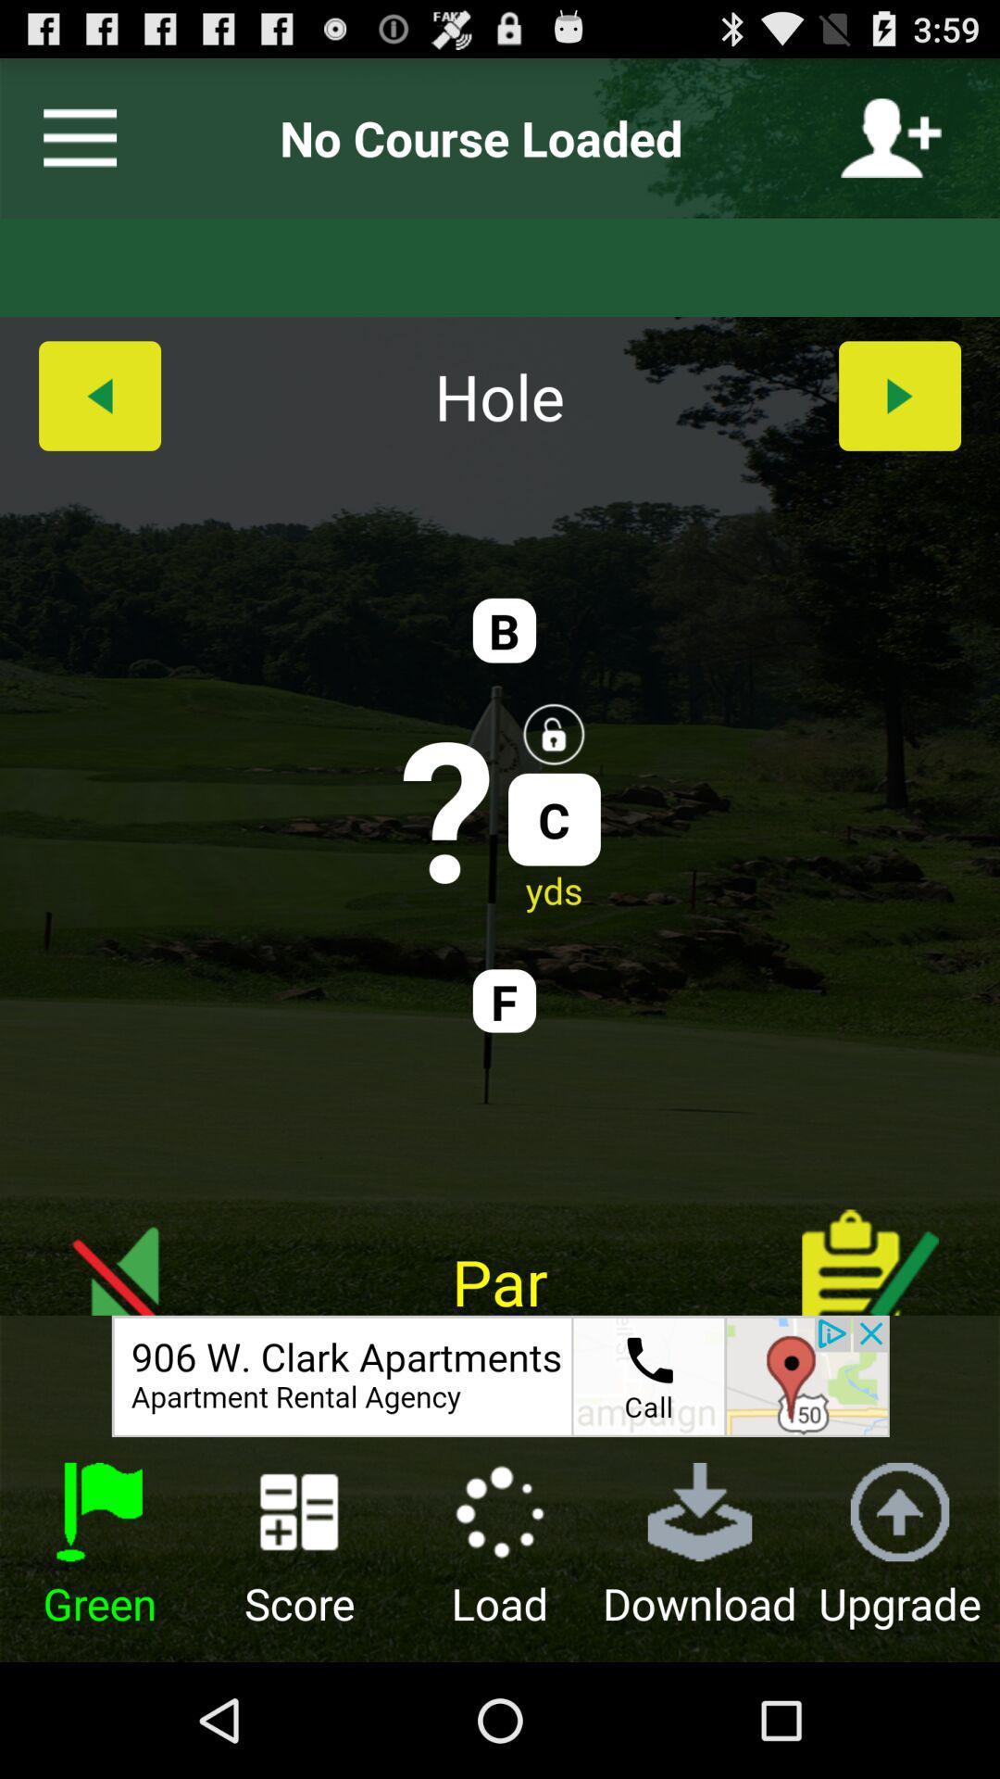  Describe the element at coordinates (890, 146) in the screenshot. I see `the follow icon` at that location.